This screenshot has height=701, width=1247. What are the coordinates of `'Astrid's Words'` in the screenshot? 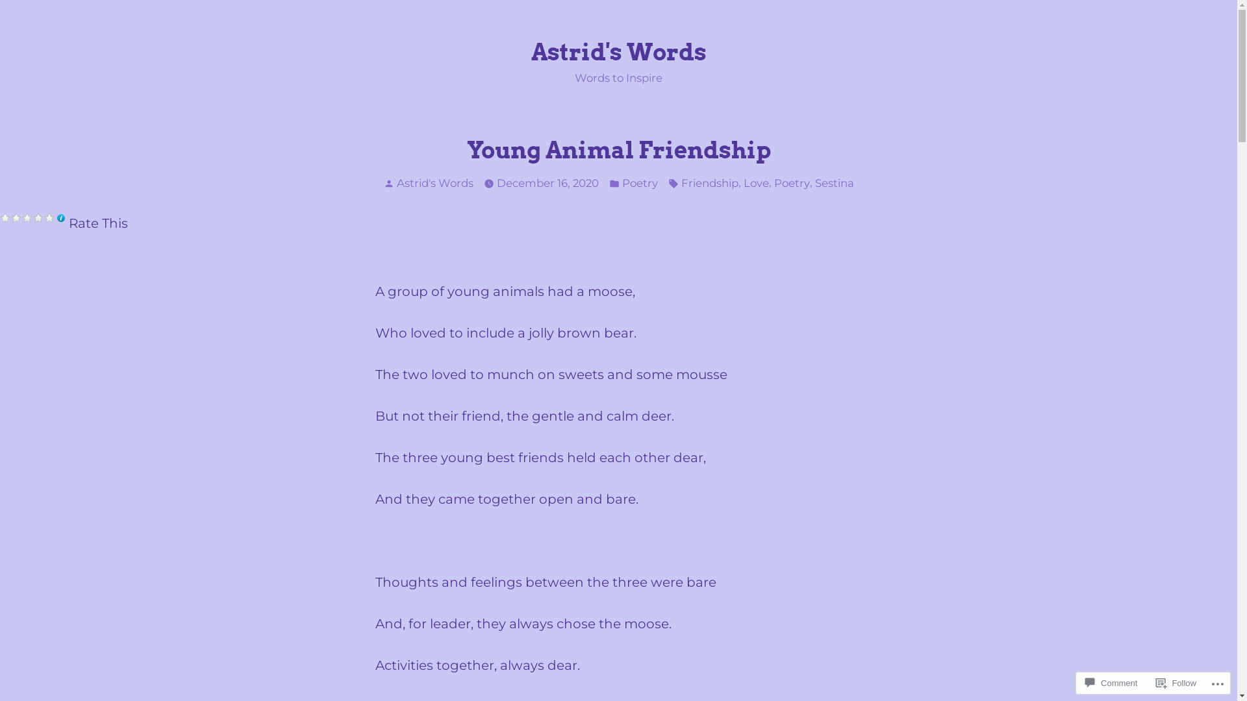 It's located at (434, 182).